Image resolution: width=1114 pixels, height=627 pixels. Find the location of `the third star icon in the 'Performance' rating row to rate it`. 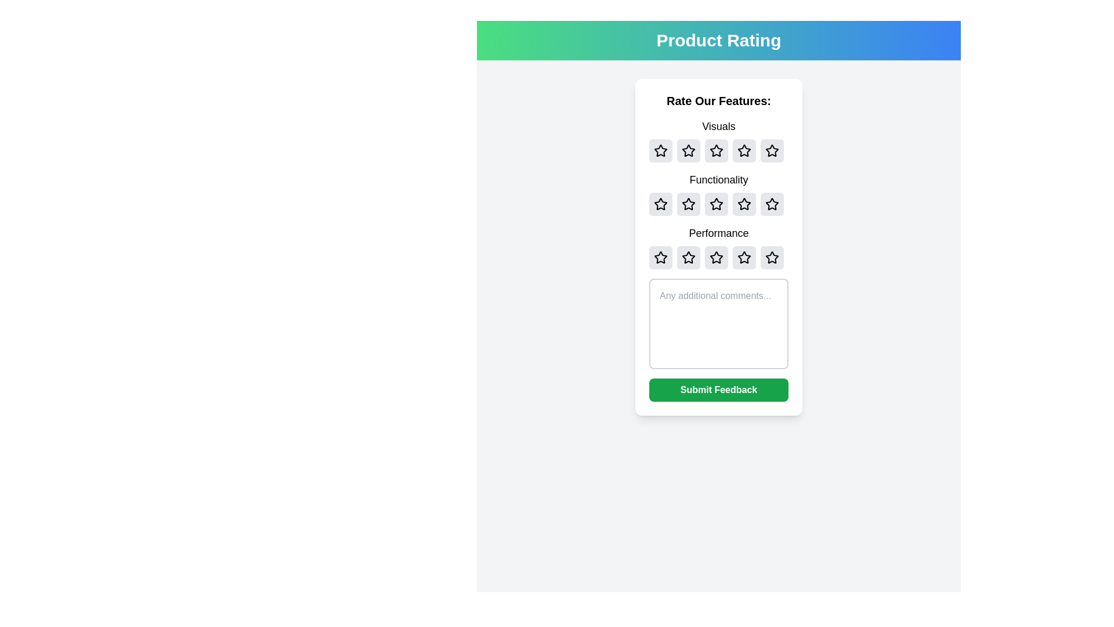

the third star icon in the 'Performance' rating row to rate it is located at coordinates (718, 257).